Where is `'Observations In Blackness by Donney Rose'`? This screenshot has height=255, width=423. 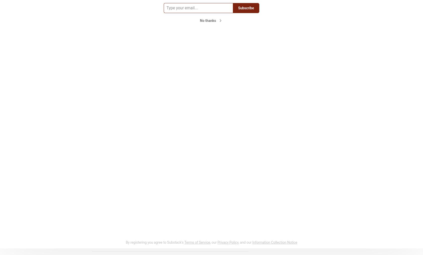 'Observations In Blackness by Donney Rose' is located at coordinates (295, 52).